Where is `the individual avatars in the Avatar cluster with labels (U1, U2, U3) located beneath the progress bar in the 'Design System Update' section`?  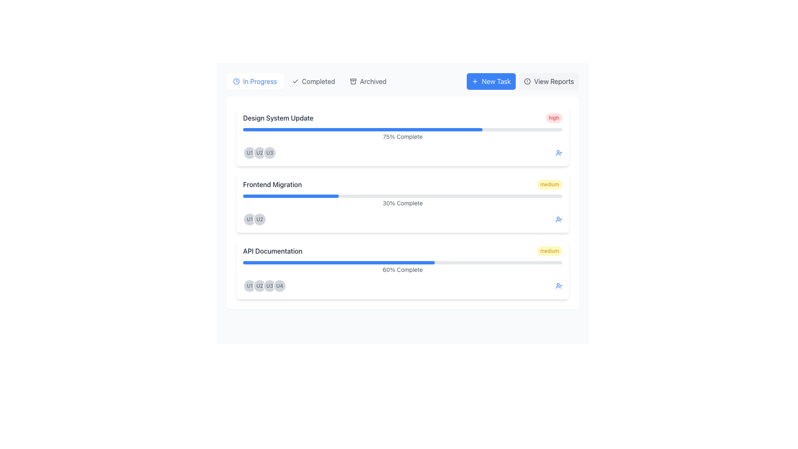 the individual avatars in the Avatar cluster with labels (U1, U2, U3) located beneath the progress bar in the 'Design System Update' section is located at coordinates (259, 153).